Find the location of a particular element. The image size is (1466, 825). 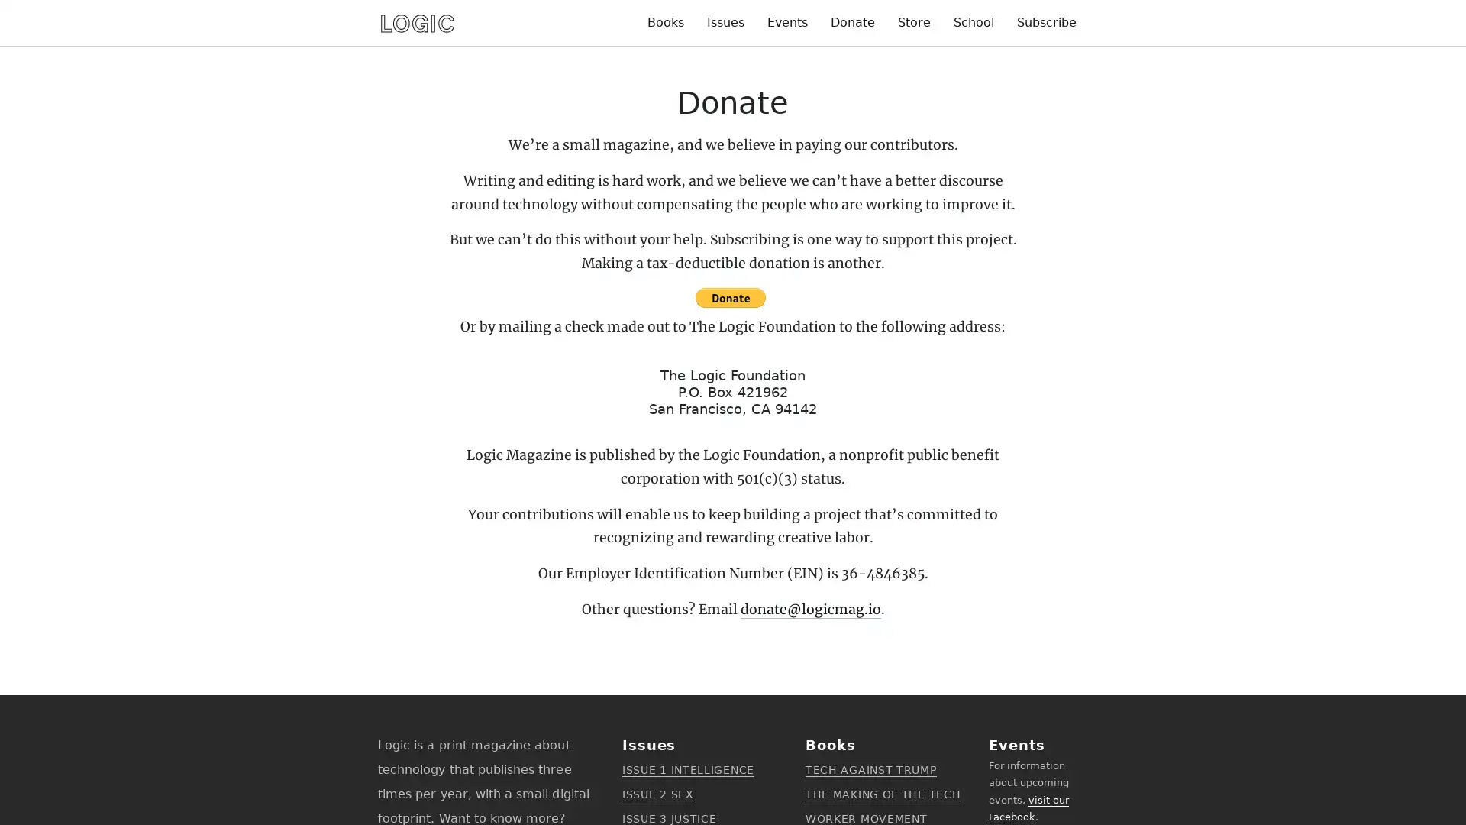

Donate with PayPal button is located at coordinates (728, 297).